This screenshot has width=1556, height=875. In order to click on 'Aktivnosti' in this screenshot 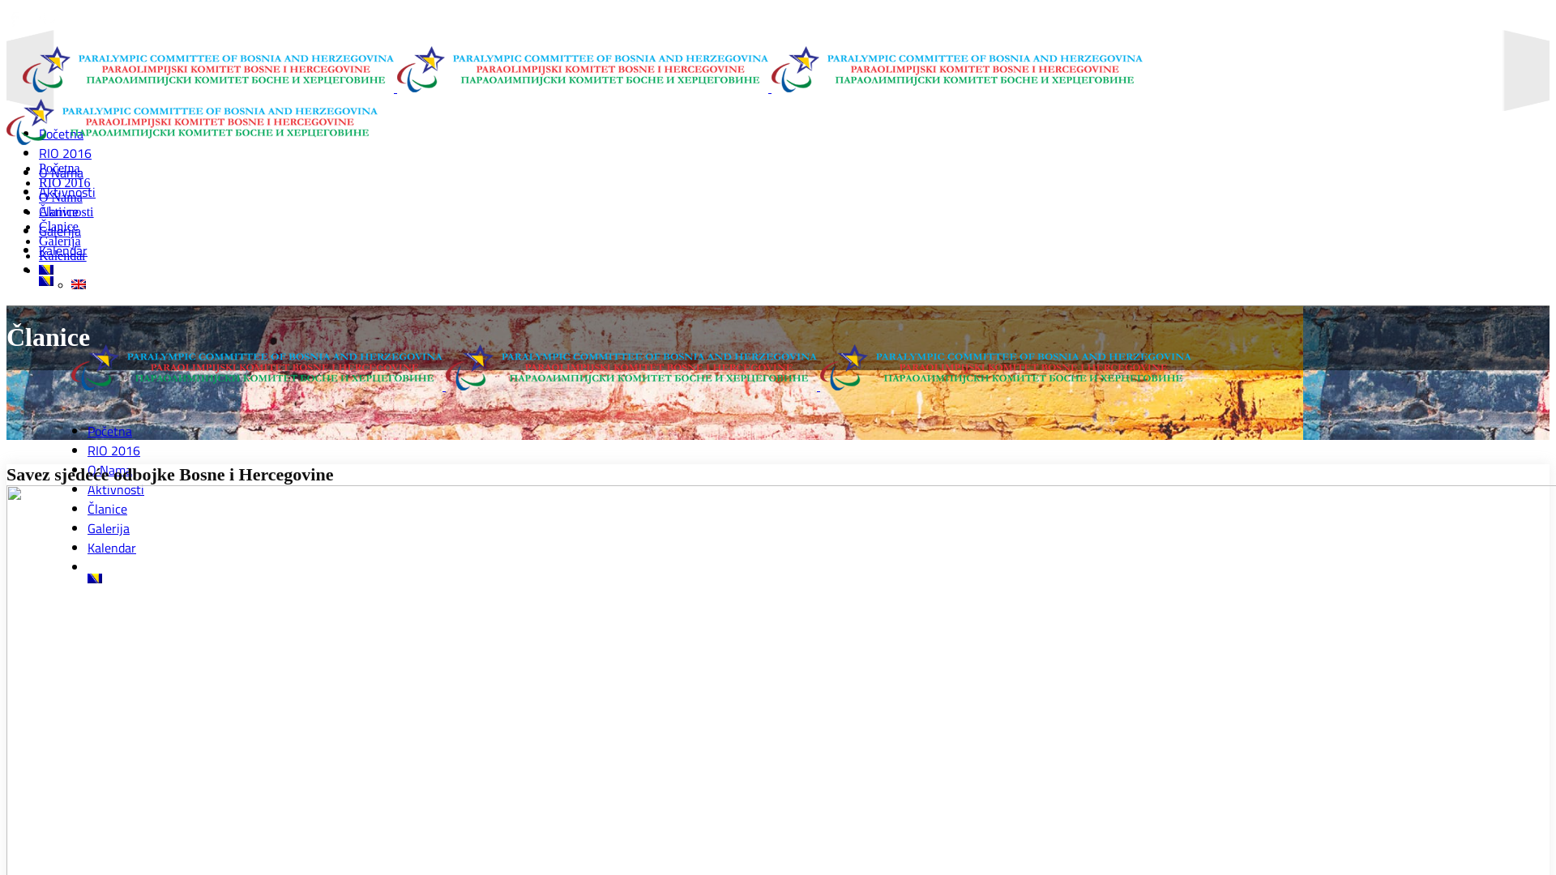, I will do `click(39, 211)`.